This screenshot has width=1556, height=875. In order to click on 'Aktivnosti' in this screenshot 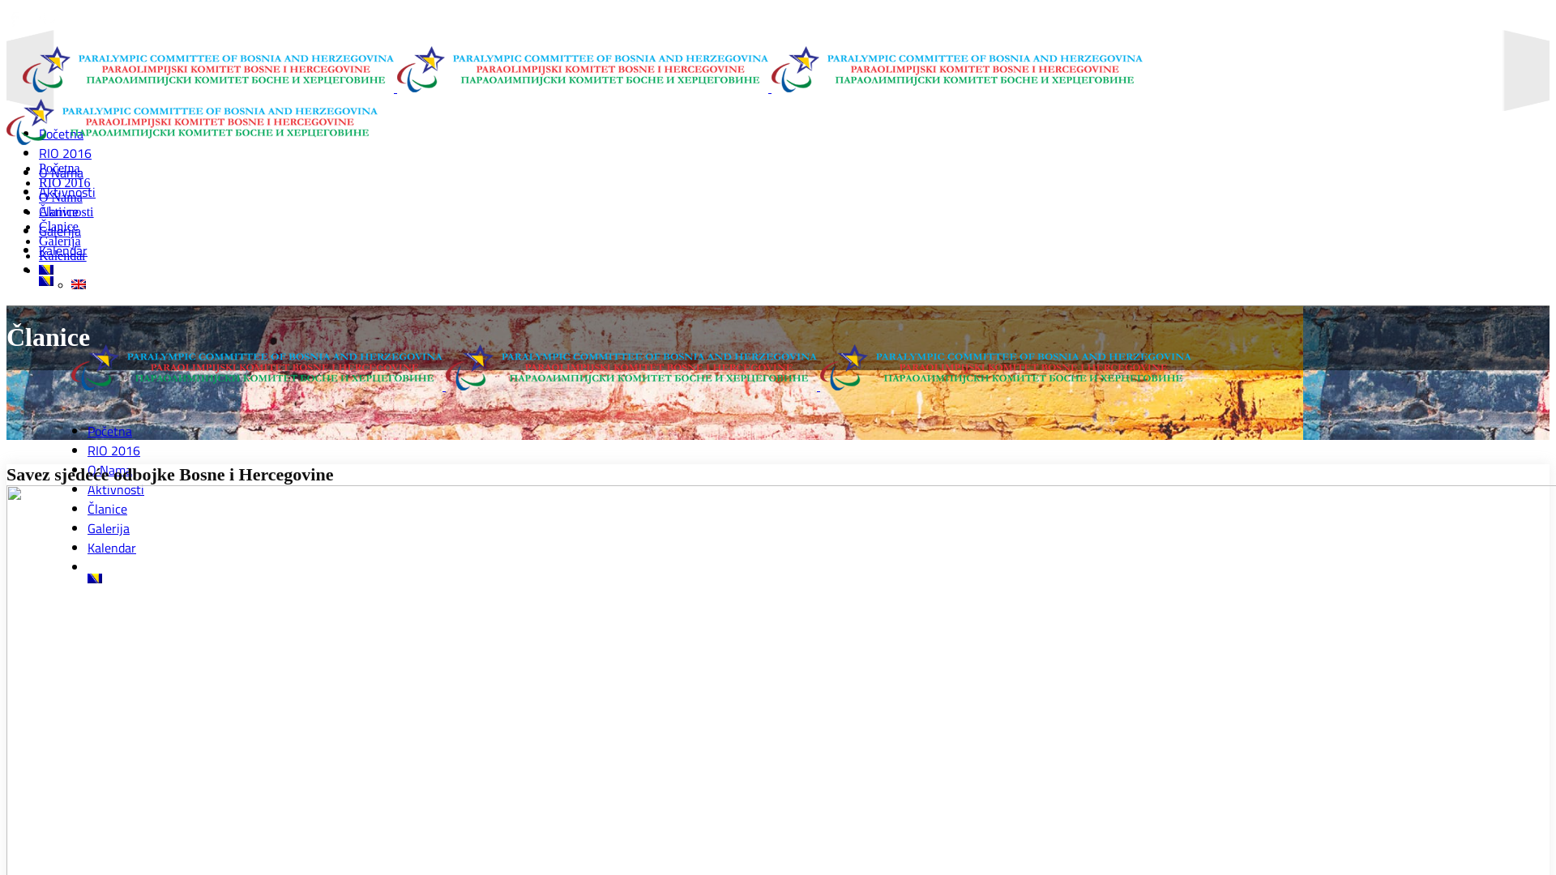, I will do `click(39, 211)`.